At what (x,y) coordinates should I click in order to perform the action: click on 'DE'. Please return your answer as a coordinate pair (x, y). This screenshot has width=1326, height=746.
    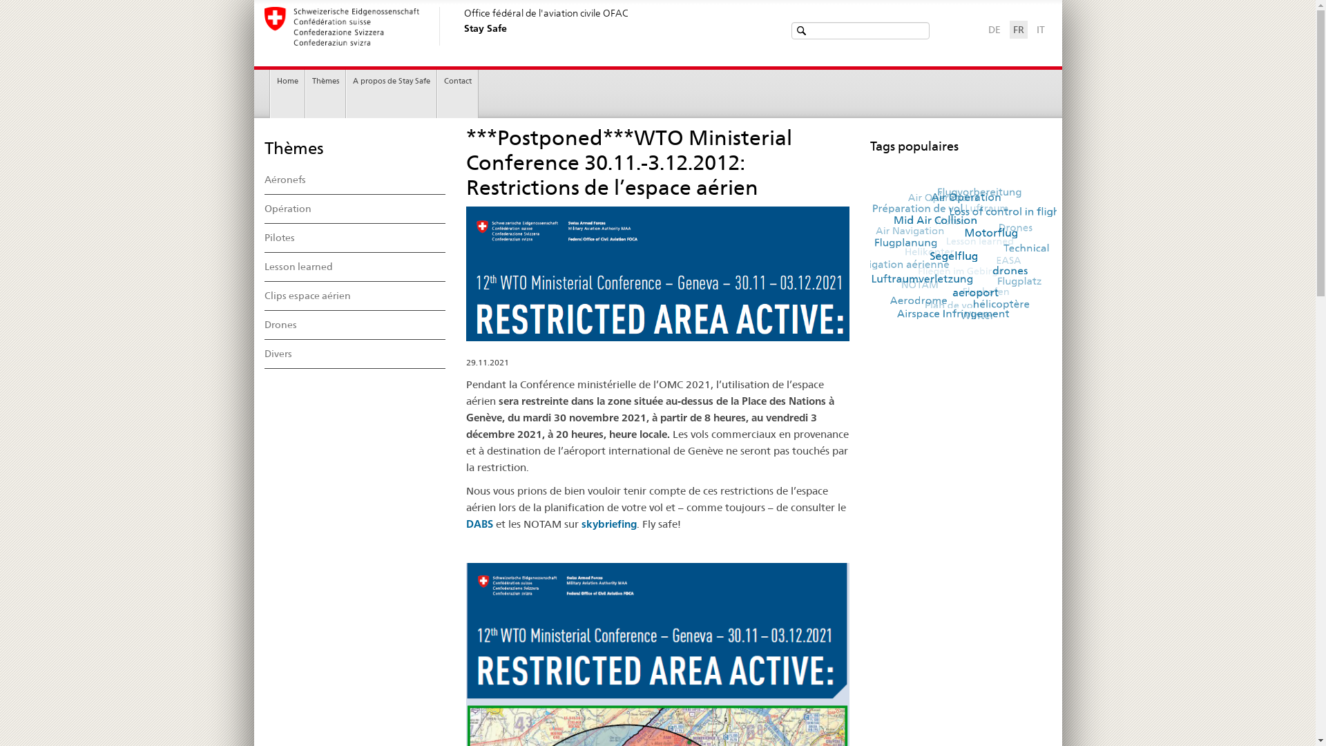
    Looking at the image, I should click on (993, 29).